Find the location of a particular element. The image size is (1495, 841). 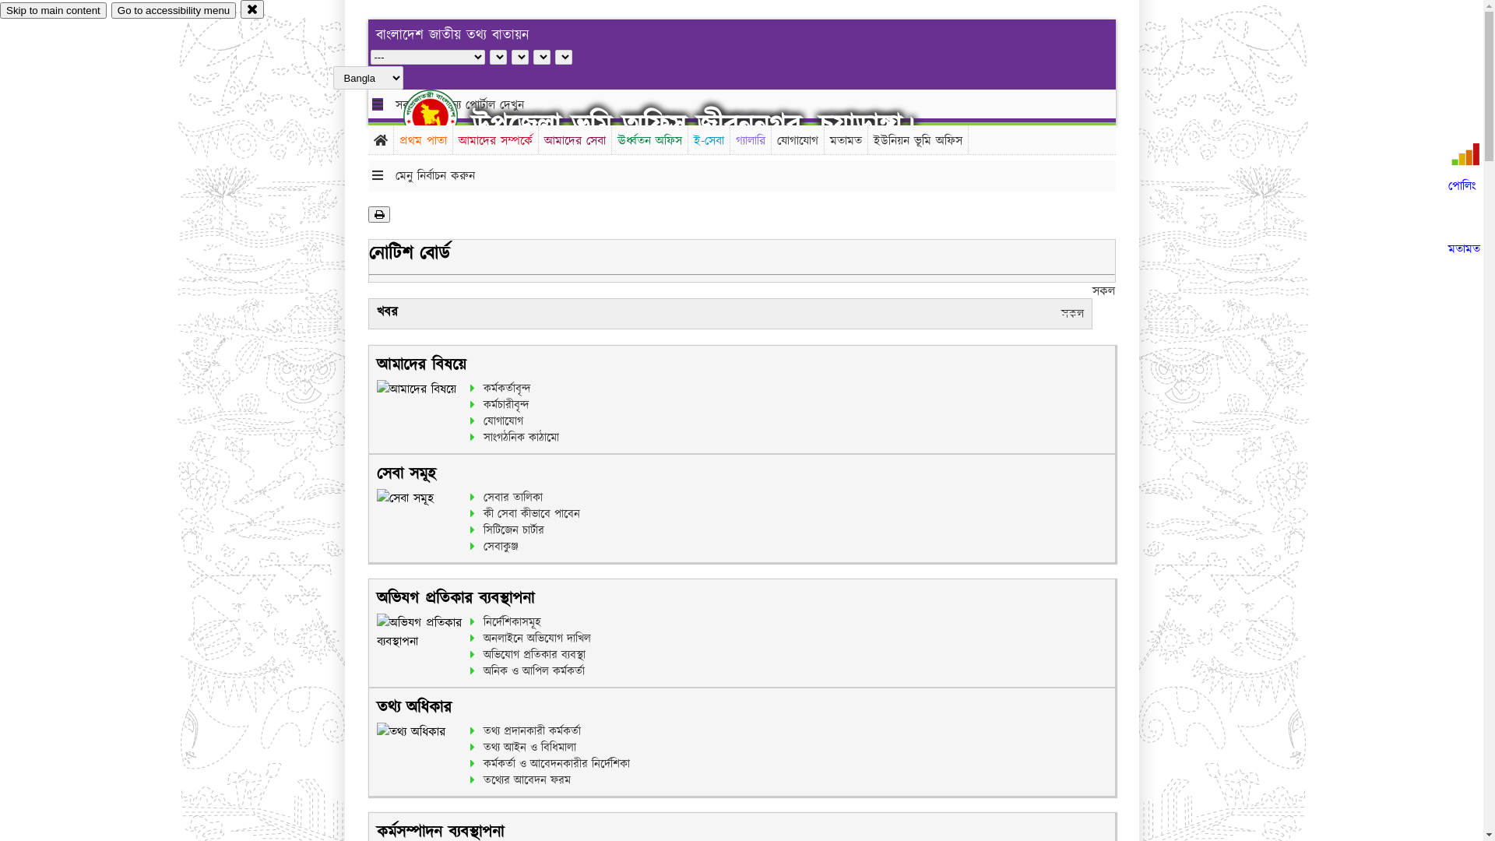

'Go to accessibility menu' is located at coordinates (173, 10).